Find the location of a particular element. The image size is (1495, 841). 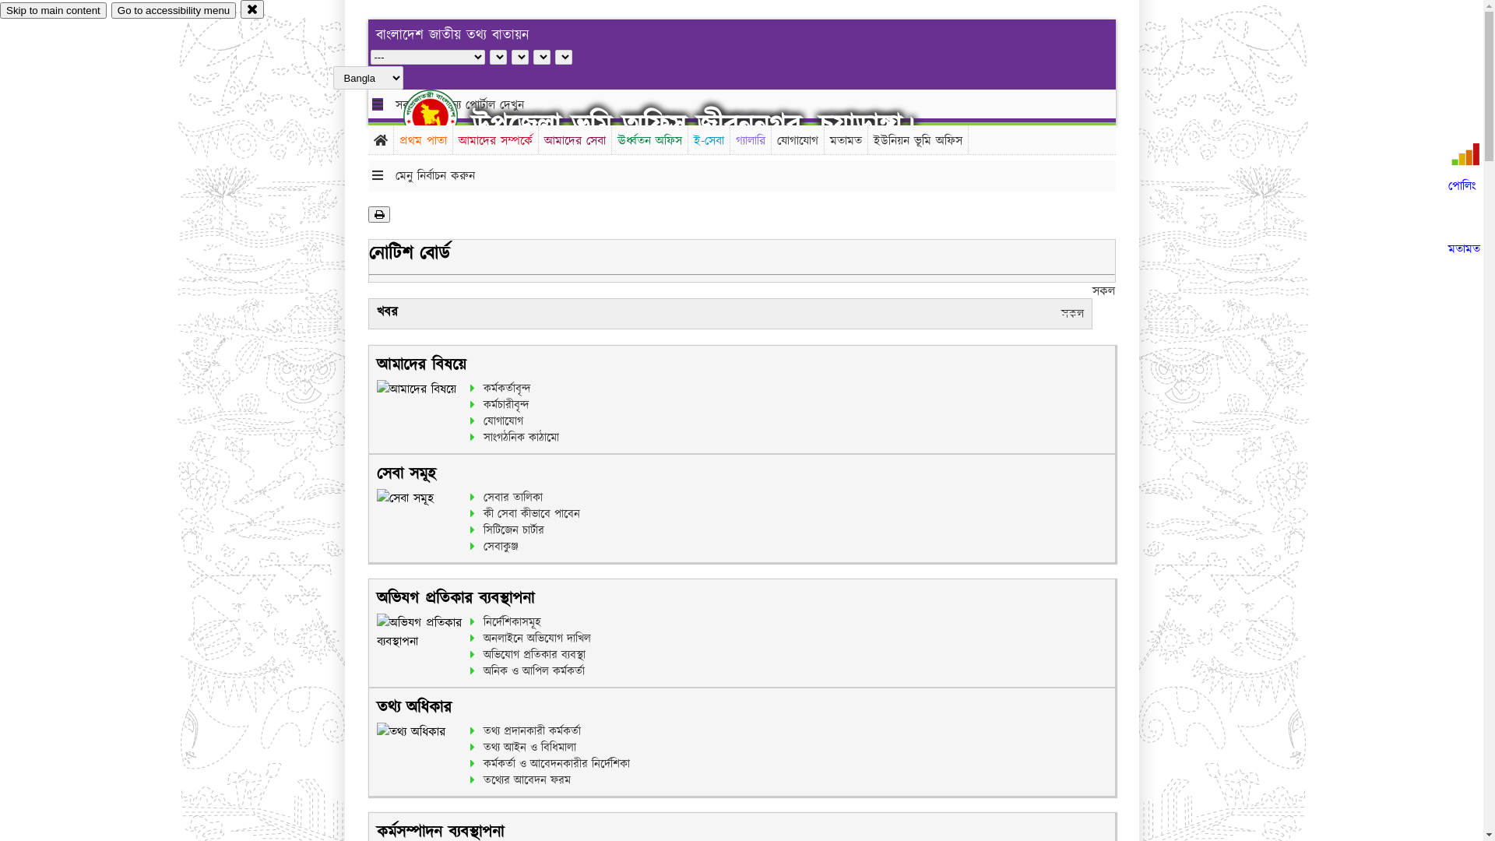

'Go to accessibility menu' is located at coordinates (173, 10).